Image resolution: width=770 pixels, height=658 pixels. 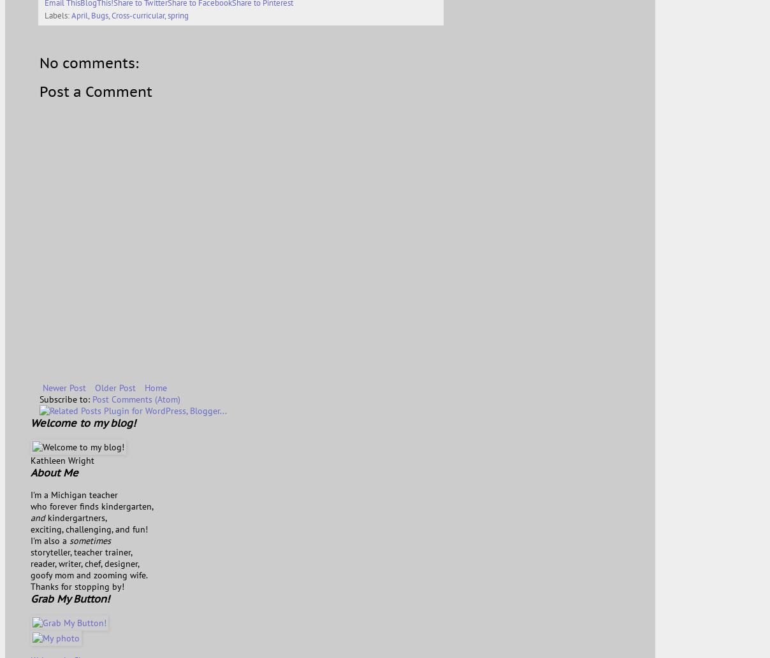 What do you see at coordinates (76, 585) in the screenshot?
I see `'Thanks for stopping by!'` at bounding box center [76, 585].